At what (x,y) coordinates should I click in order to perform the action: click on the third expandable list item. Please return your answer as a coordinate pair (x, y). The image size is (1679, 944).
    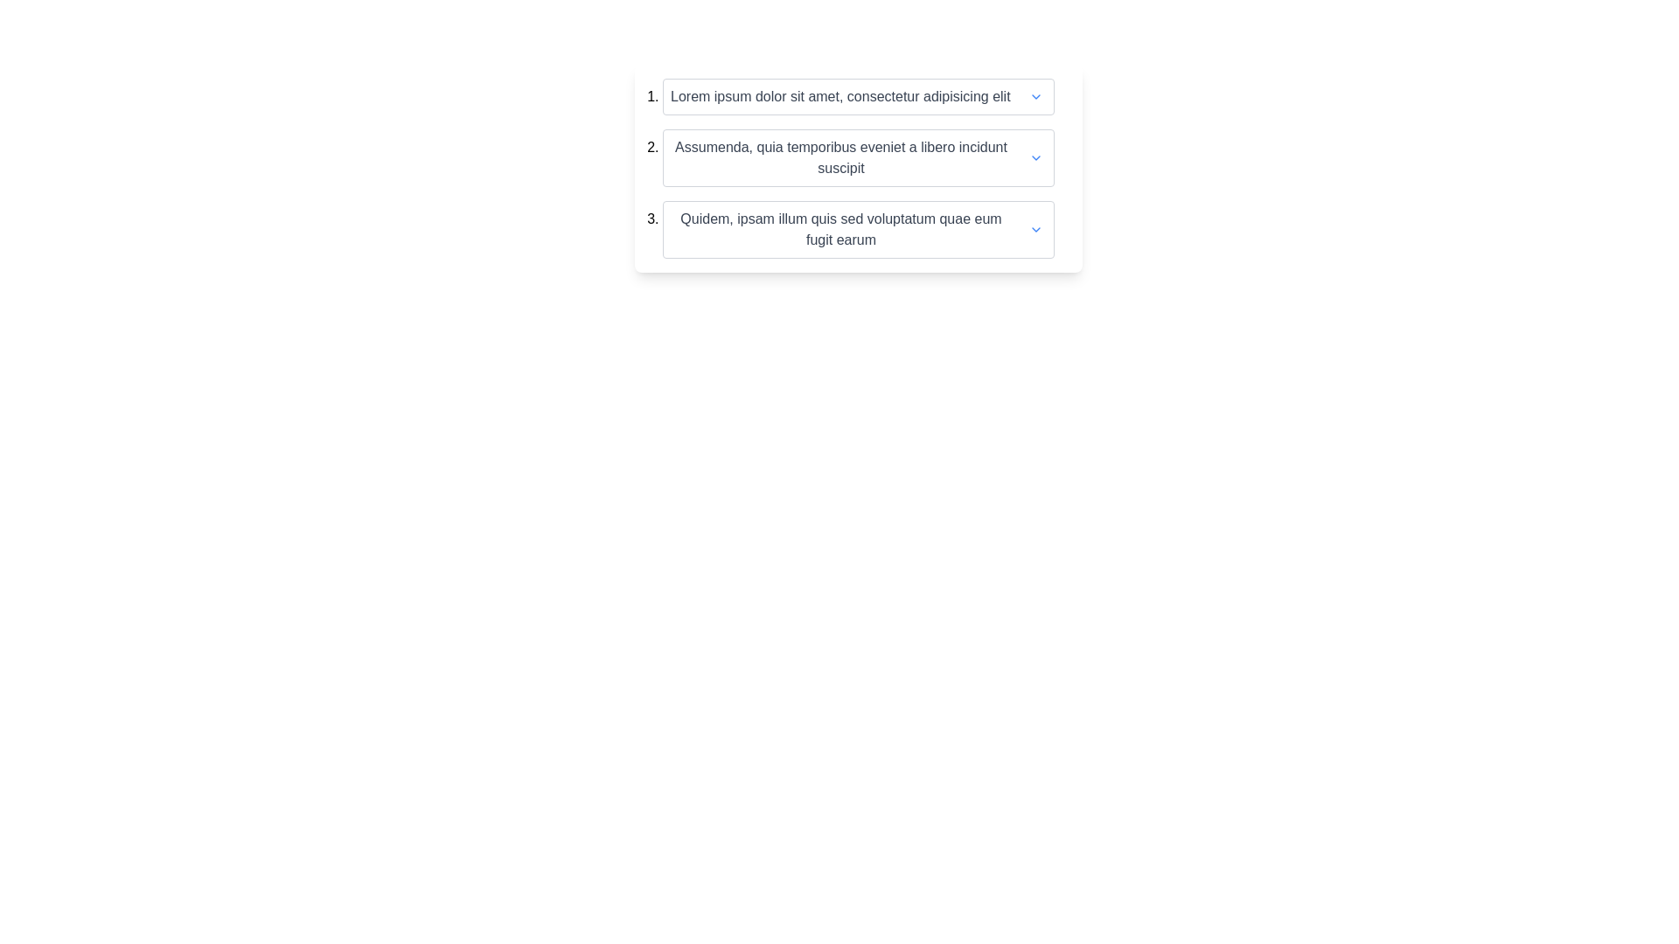
    Looking at the image, I should click on (859, 228).